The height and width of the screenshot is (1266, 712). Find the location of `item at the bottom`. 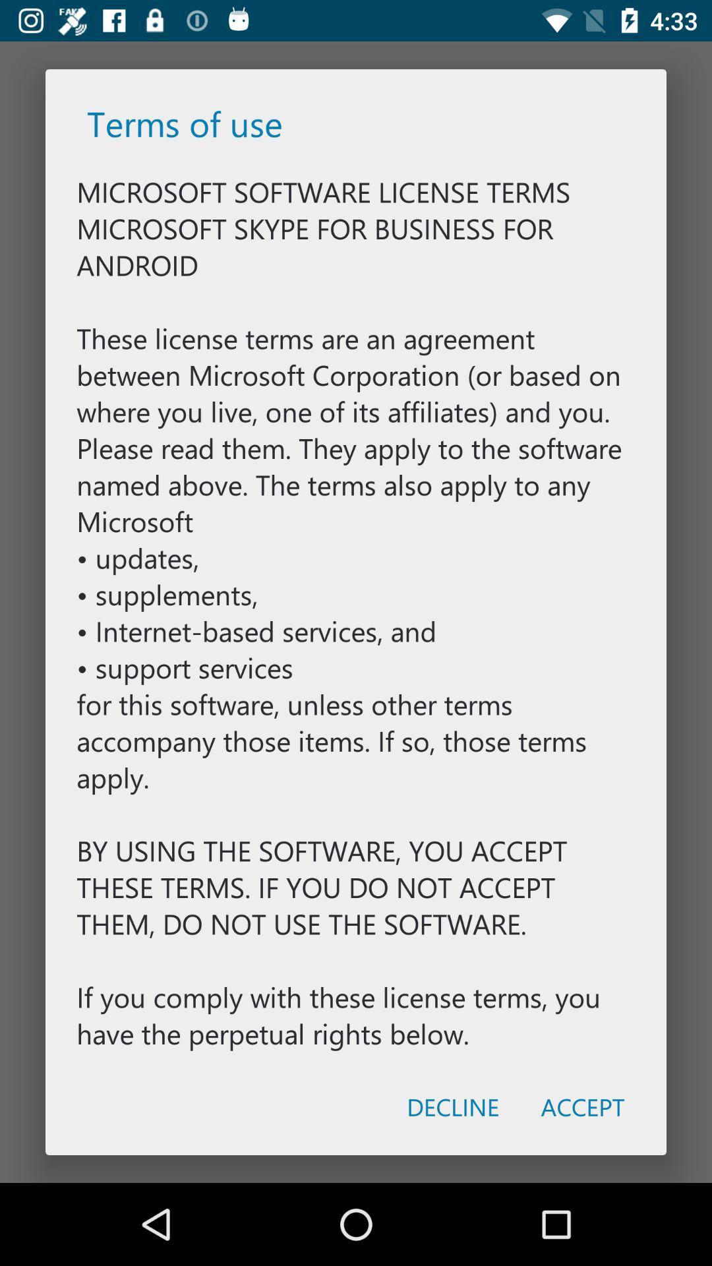

item at the bottom is located at coordinates (452, 1106).